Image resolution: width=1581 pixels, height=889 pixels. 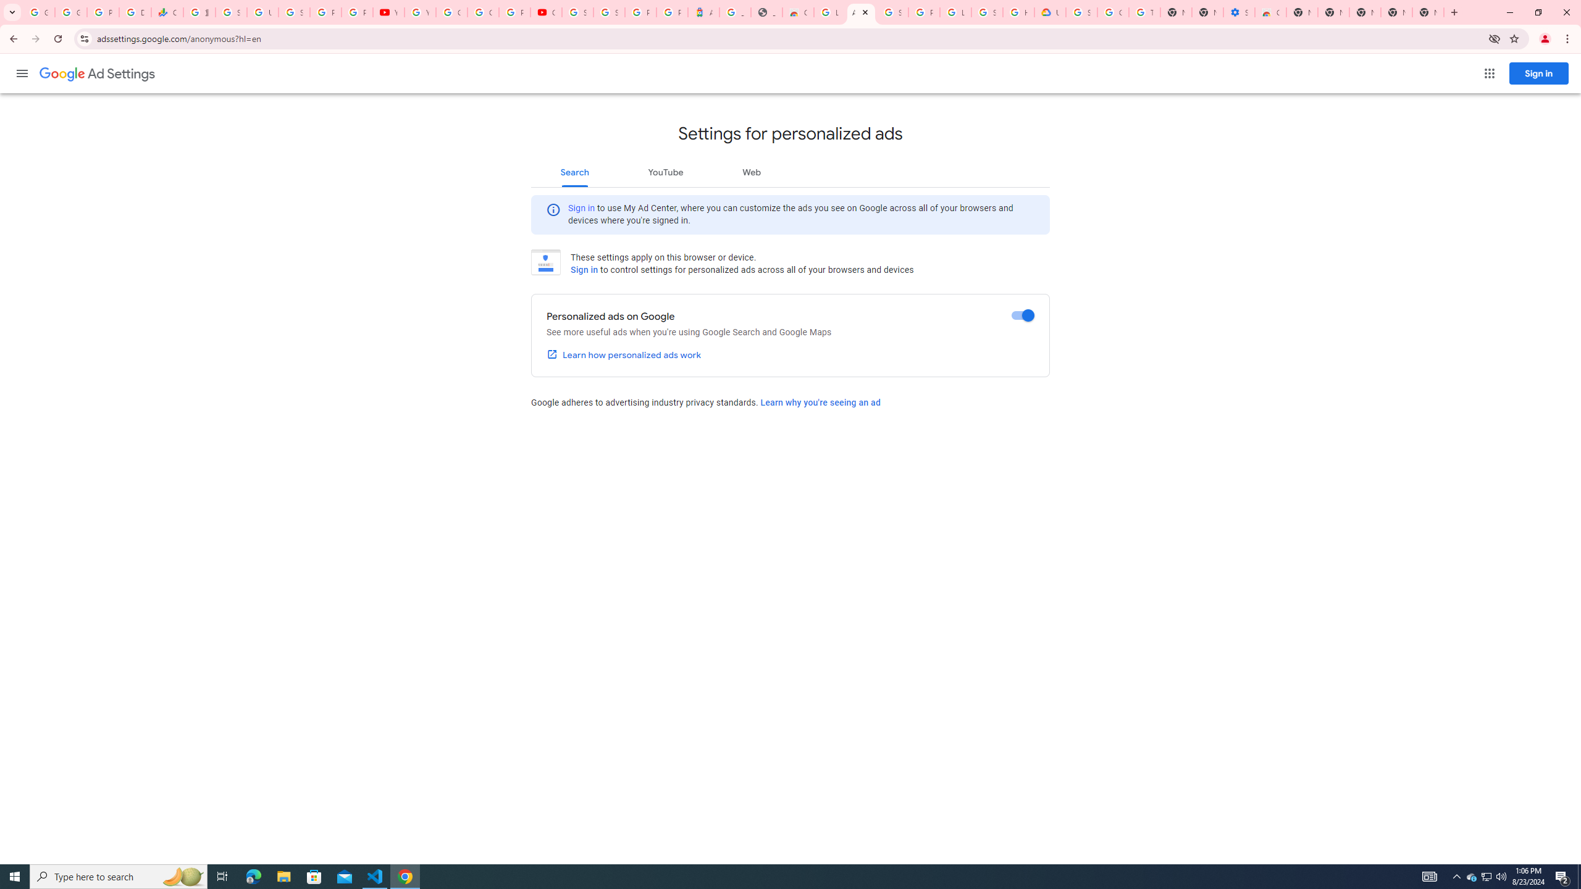 I want to click on 'Sign in - Google Accounts', so click(x=232, y=12).